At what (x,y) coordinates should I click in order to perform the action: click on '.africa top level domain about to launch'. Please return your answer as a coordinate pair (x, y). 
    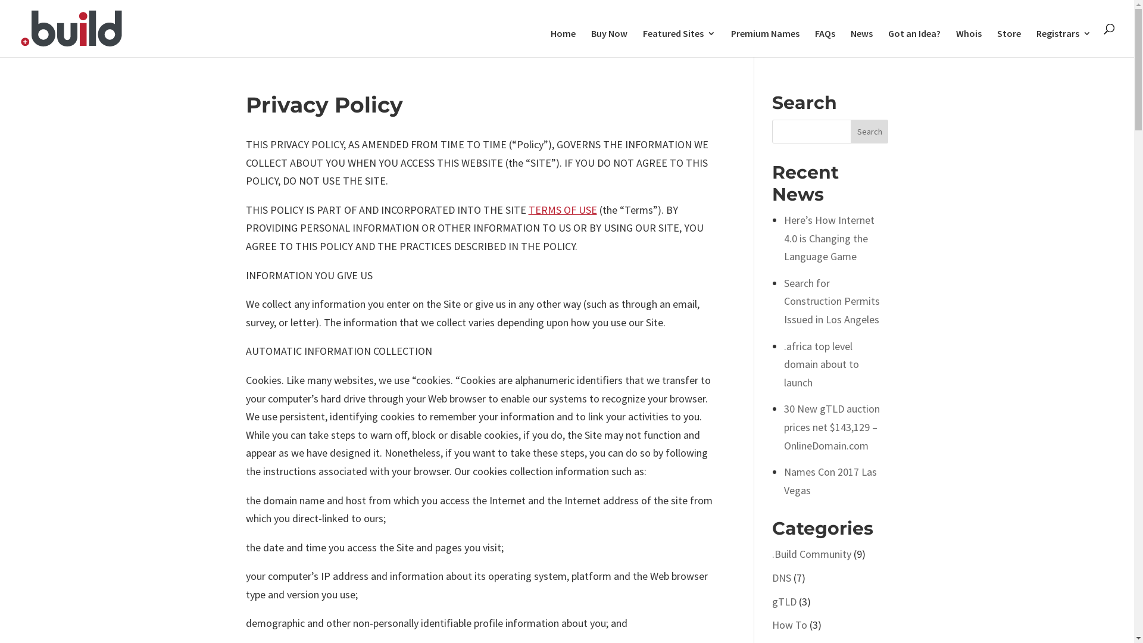
    Looking at the image, I should click on (783, 364).